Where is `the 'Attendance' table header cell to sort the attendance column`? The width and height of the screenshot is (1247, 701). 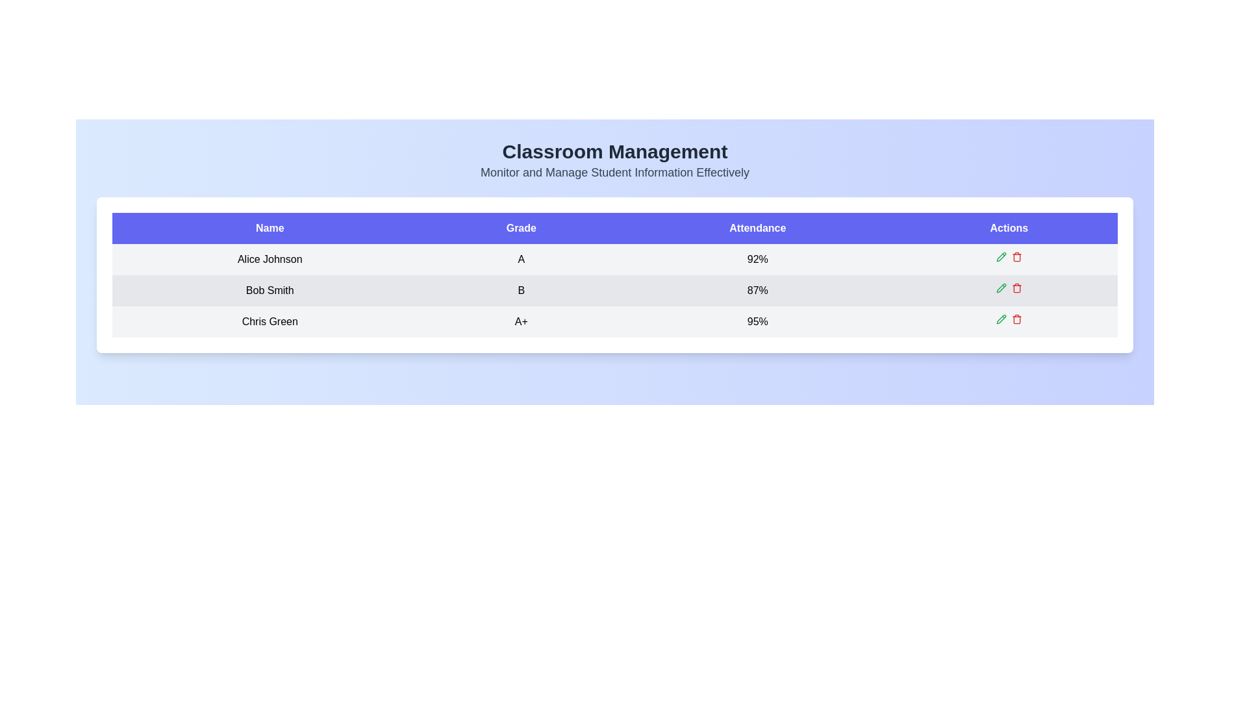
the 'Attendance' table header cell to sort the attendance column is located at coordinates (757, 227).